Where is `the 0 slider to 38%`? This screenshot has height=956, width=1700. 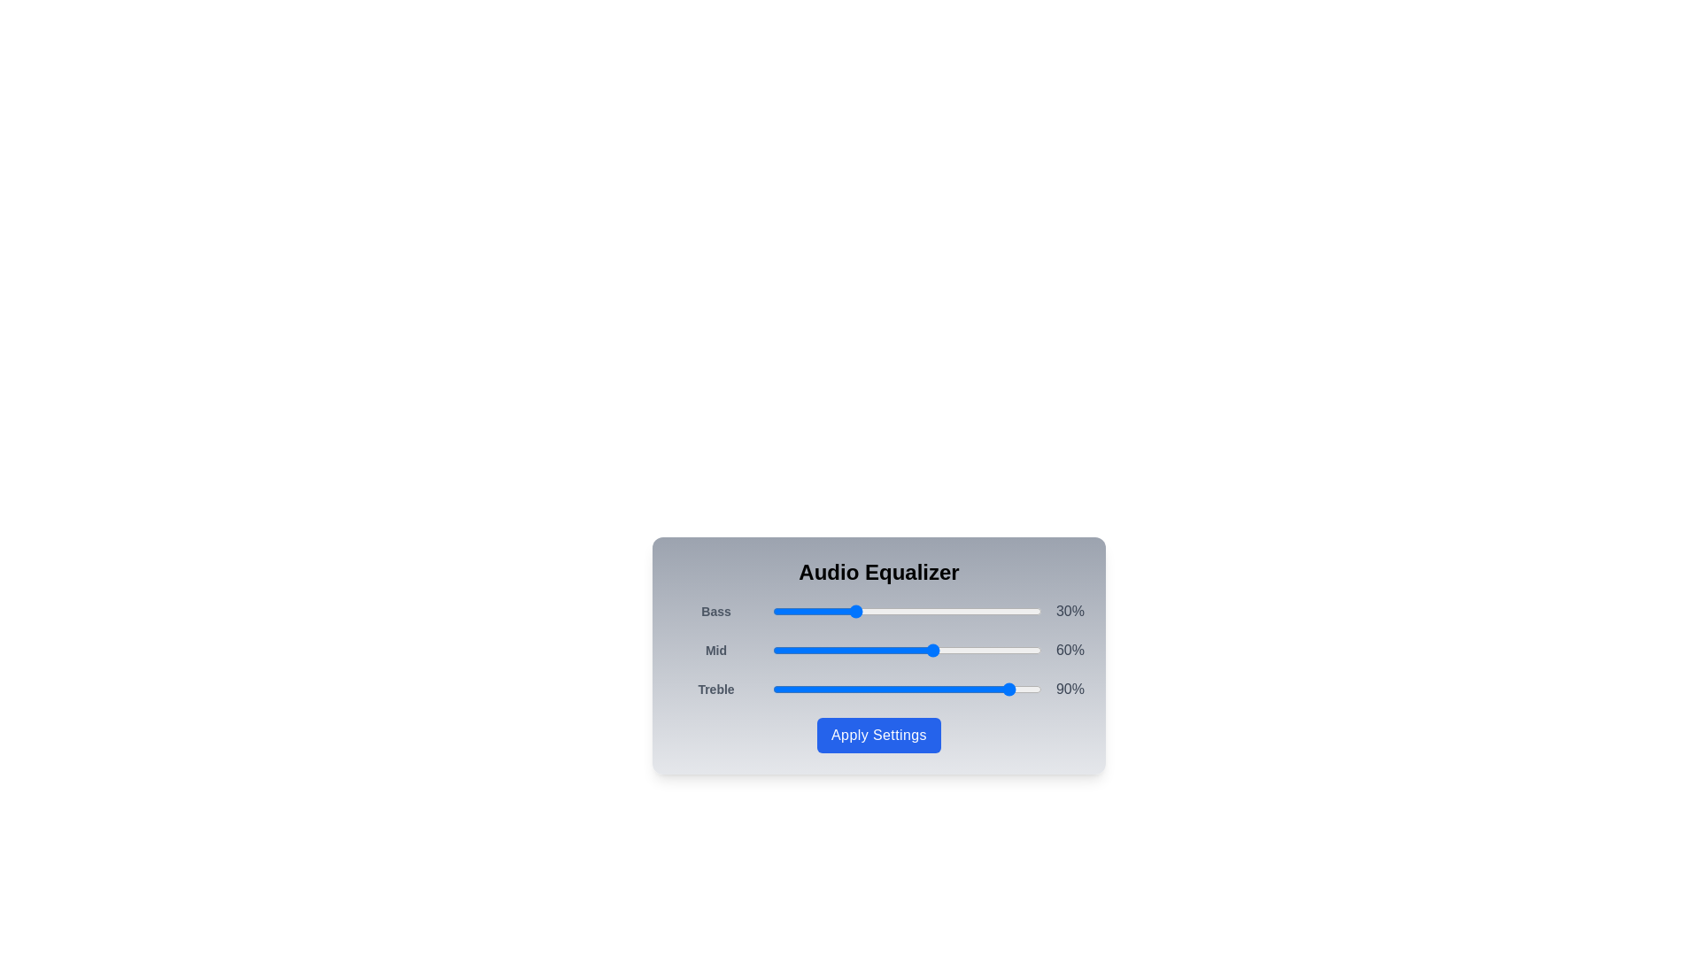 the 0 slider to 38% is located at coordinates (875, 610).